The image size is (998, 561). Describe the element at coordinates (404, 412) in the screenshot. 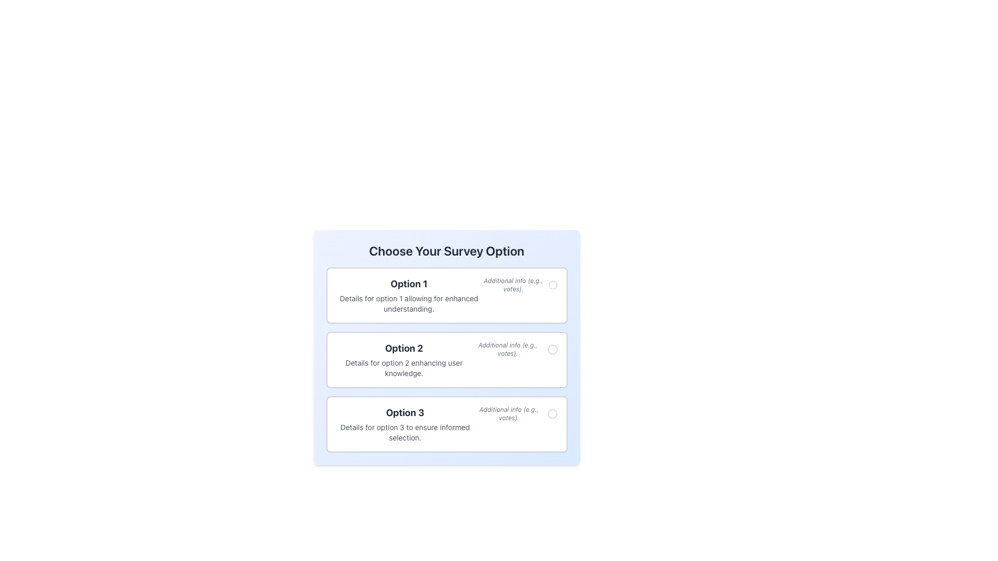

I see `the title label for the third selectable option in the survey interface, which is positioned directly above the details for option 3` at that location.